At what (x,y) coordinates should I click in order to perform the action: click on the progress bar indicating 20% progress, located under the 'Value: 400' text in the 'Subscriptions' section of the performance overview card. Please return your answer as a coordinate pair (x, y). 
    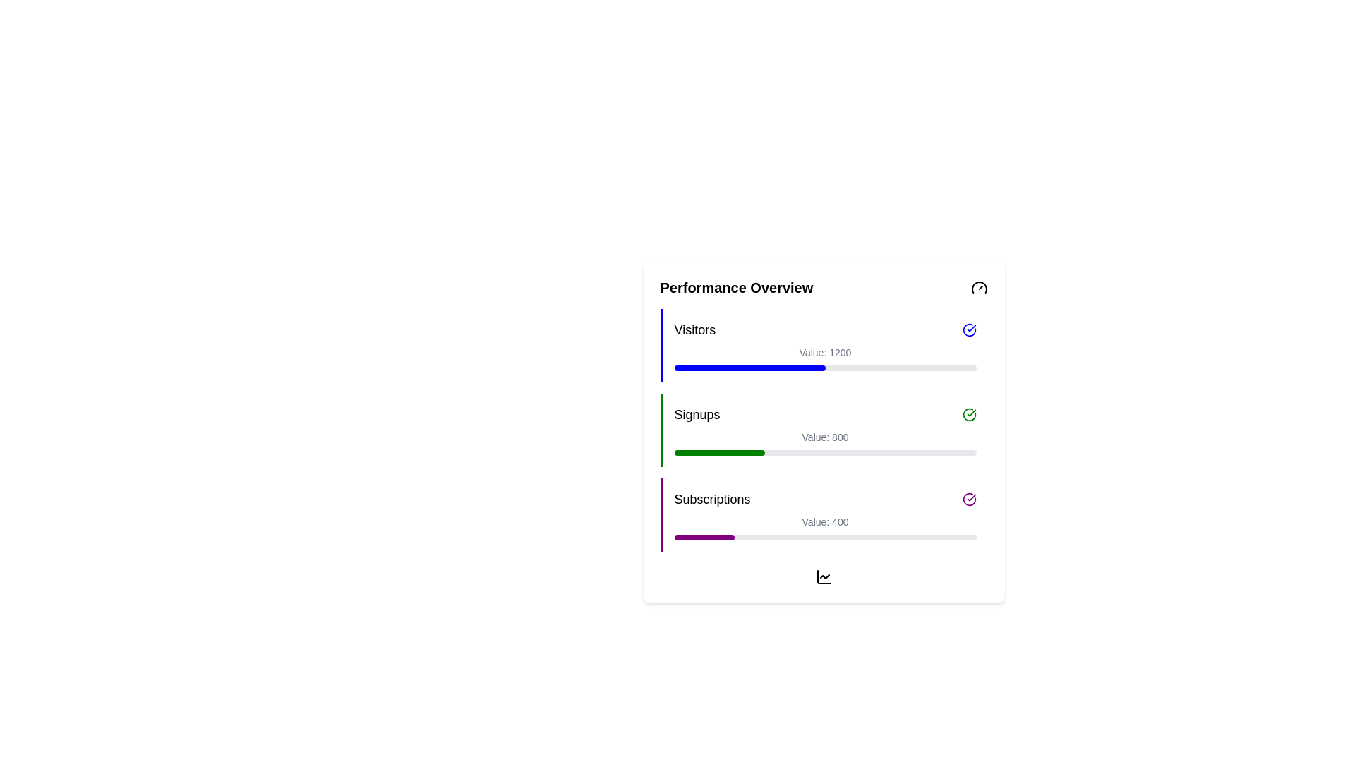
    Looking at the image, I should click on (825, 538).